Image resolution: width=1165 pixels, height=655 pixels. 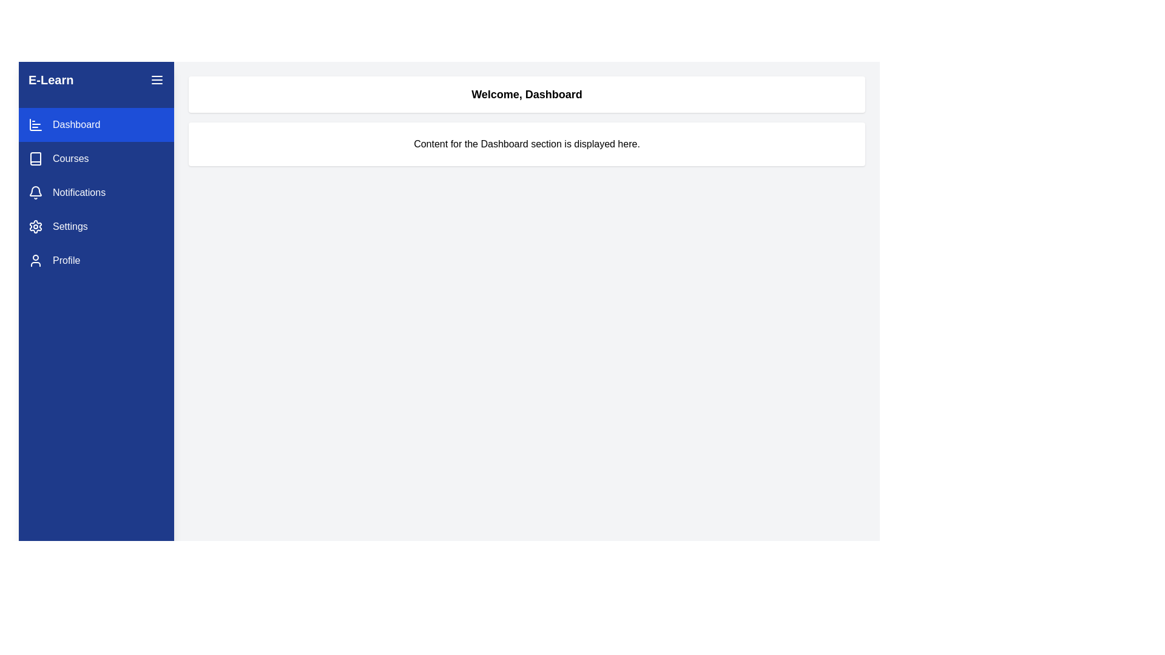 What do you see at coordinates (35, 227) in the screenshot?
I see `the gear icon located in the sidebar navigation menu for accessibility navigation, positioned between 'Notifications' and 'Profile'` at bounding box center [35, 227].